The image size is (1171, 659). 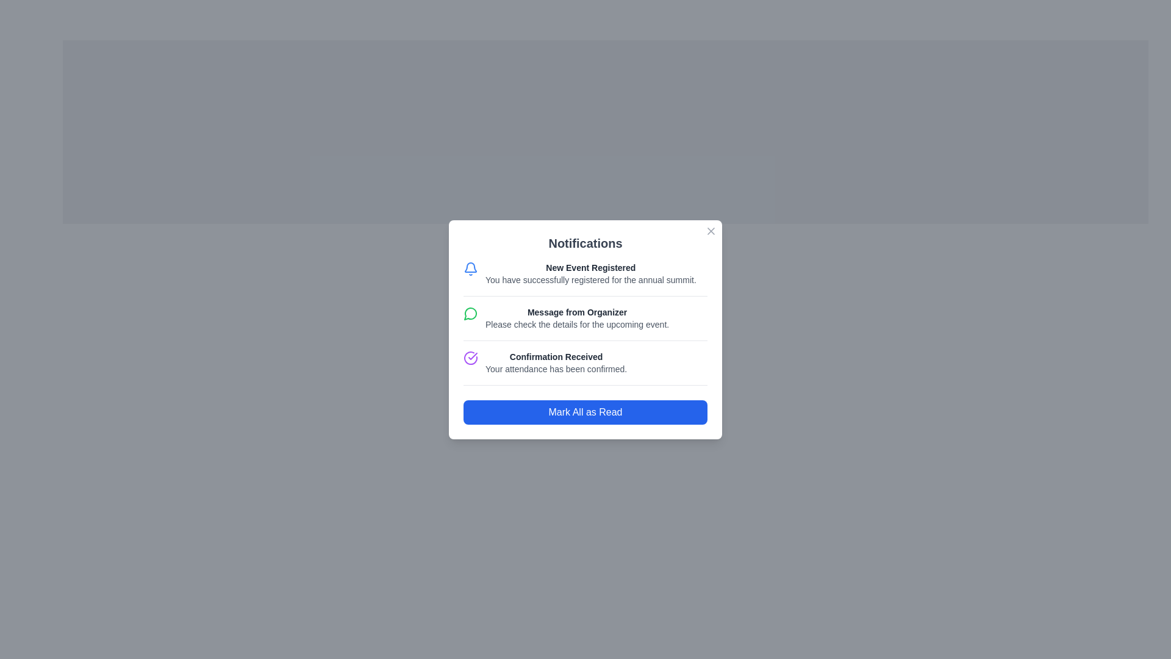 I want to click on the notification icon located in the top-left area of the first notification card, next to the text 'New Event Registered', so click(x=470, y=267).